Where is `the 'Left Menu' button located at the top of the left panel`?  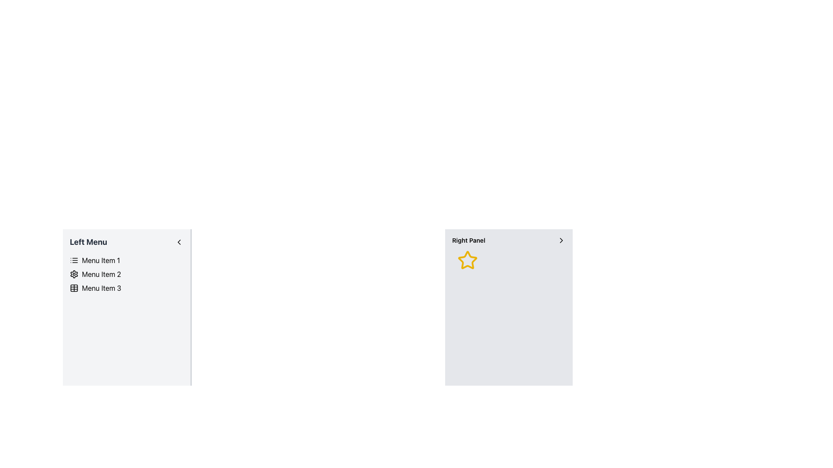 the 'Left Menu' button located at the top of the left panel is located at coordinates (126, 242).